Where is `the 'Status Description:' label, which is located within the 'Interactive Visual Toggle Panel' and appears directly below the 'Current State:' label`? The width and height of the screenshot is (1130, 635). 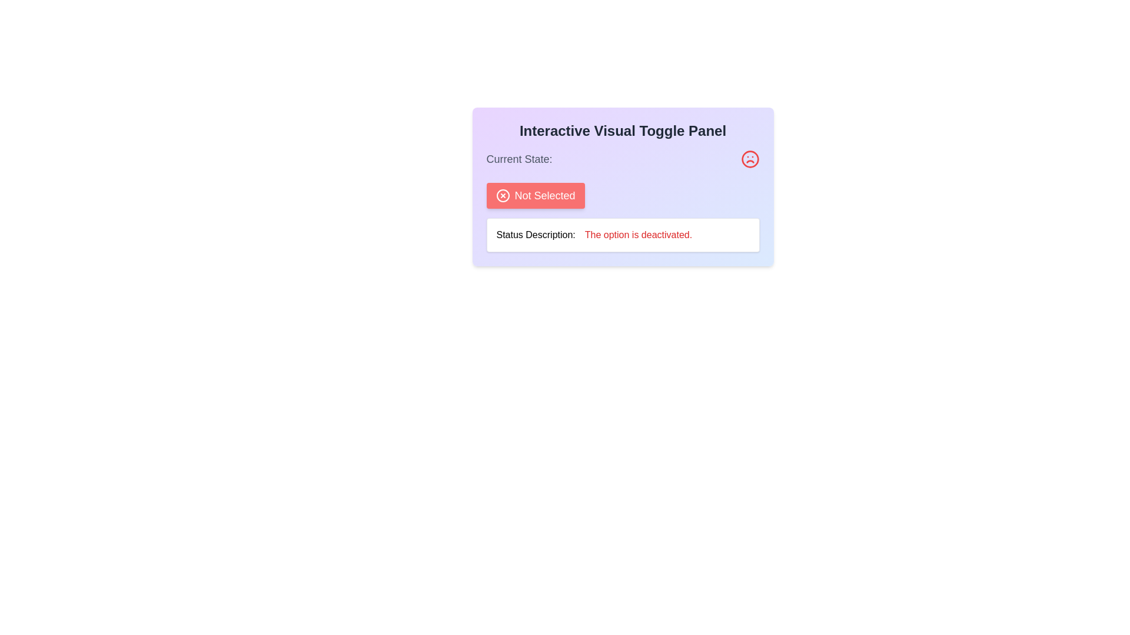
the 'Status Description:' label, which is located within the 'Interactive Visual Toggle Panel' and appears directly below the 'Current State:' label is located at coordinates (535, 235).